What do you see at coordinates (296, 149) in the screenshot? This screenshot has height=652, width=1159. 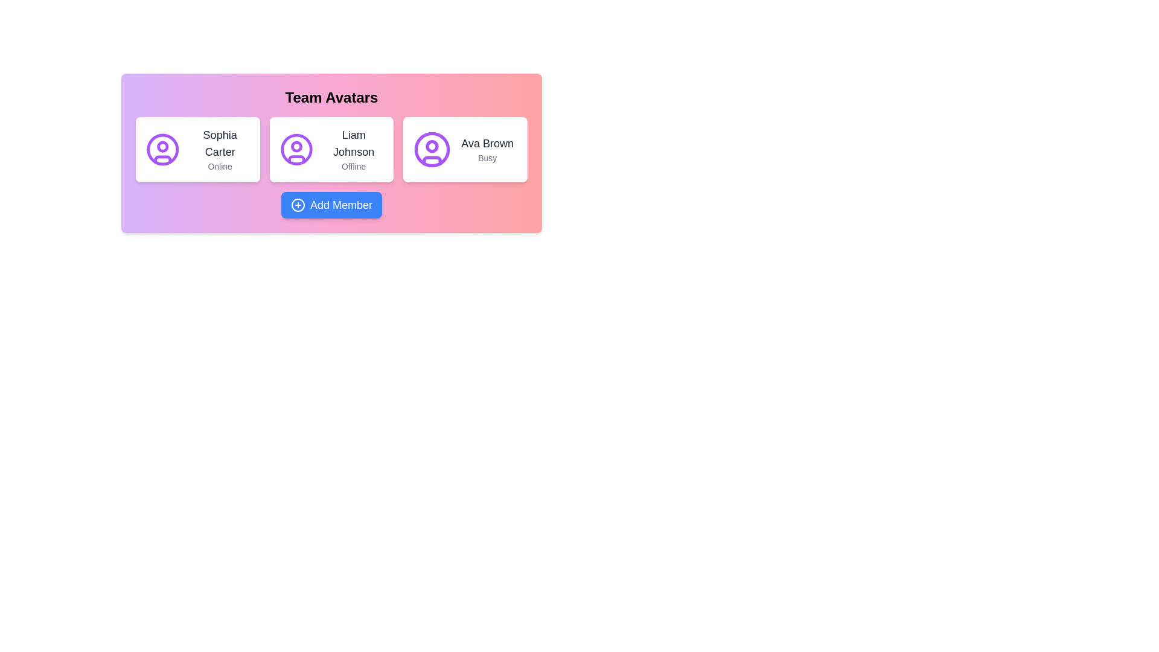 I see `the Profile Icon of 'Liam Johnson', which is a circular purple icon with a user outline, centrally located in the second avatar card from the left` at bounding box center [296, 149].